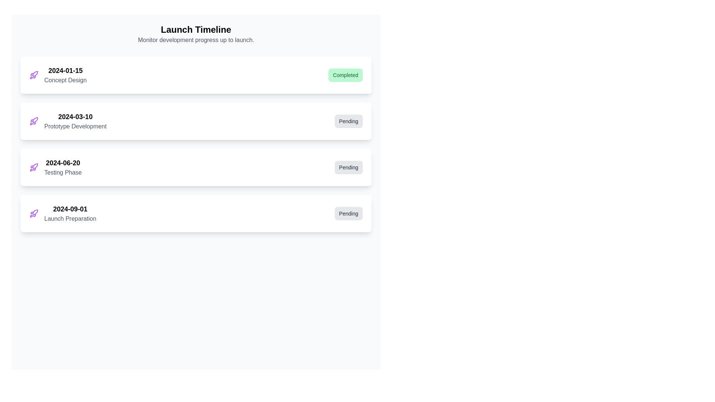 The image size is (715, 402). What do you see at coordinates (34, 75) in the screenshot?
I see `the rocket icon representing the 'Concept Design' milestone in the timeline interface, positioned at the leftmost element of the first item in a vertical list` at bounding box center [34, 75].